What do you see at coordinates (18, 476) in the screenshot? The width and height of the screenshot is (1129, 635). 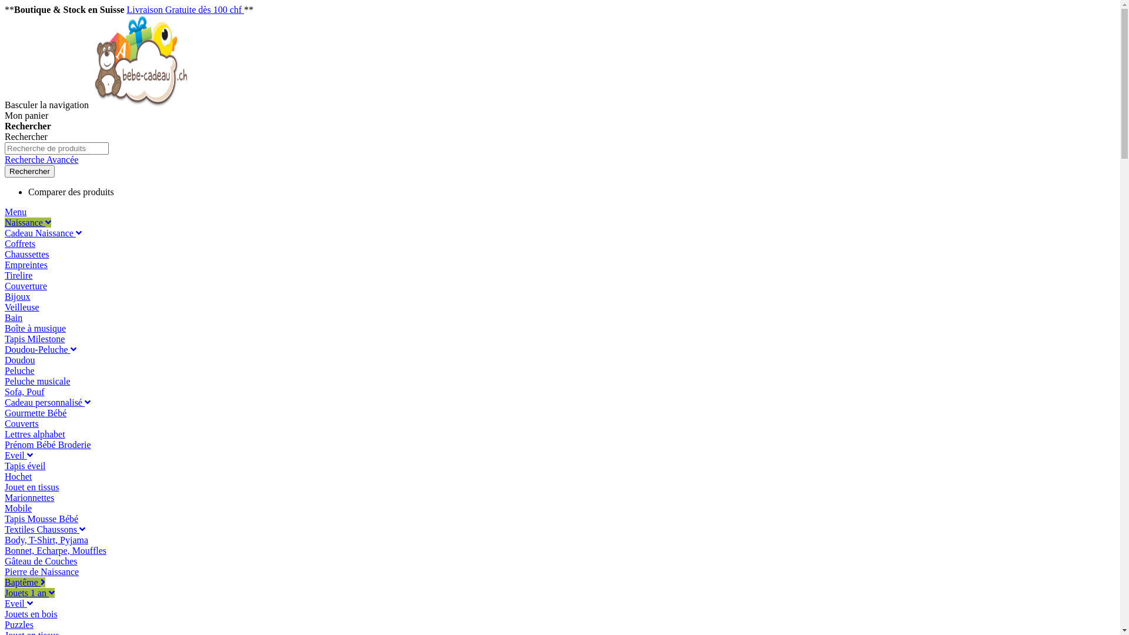 I see `'Hochet'` at bounding box center [18, 476].